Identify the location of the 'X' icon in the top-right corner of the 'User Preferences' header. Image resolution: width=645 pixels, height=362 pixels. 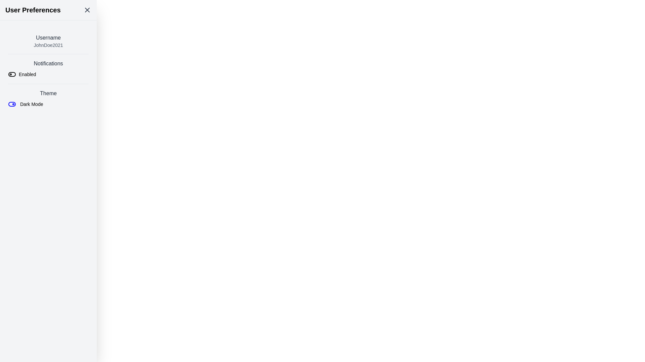
(87, 10).